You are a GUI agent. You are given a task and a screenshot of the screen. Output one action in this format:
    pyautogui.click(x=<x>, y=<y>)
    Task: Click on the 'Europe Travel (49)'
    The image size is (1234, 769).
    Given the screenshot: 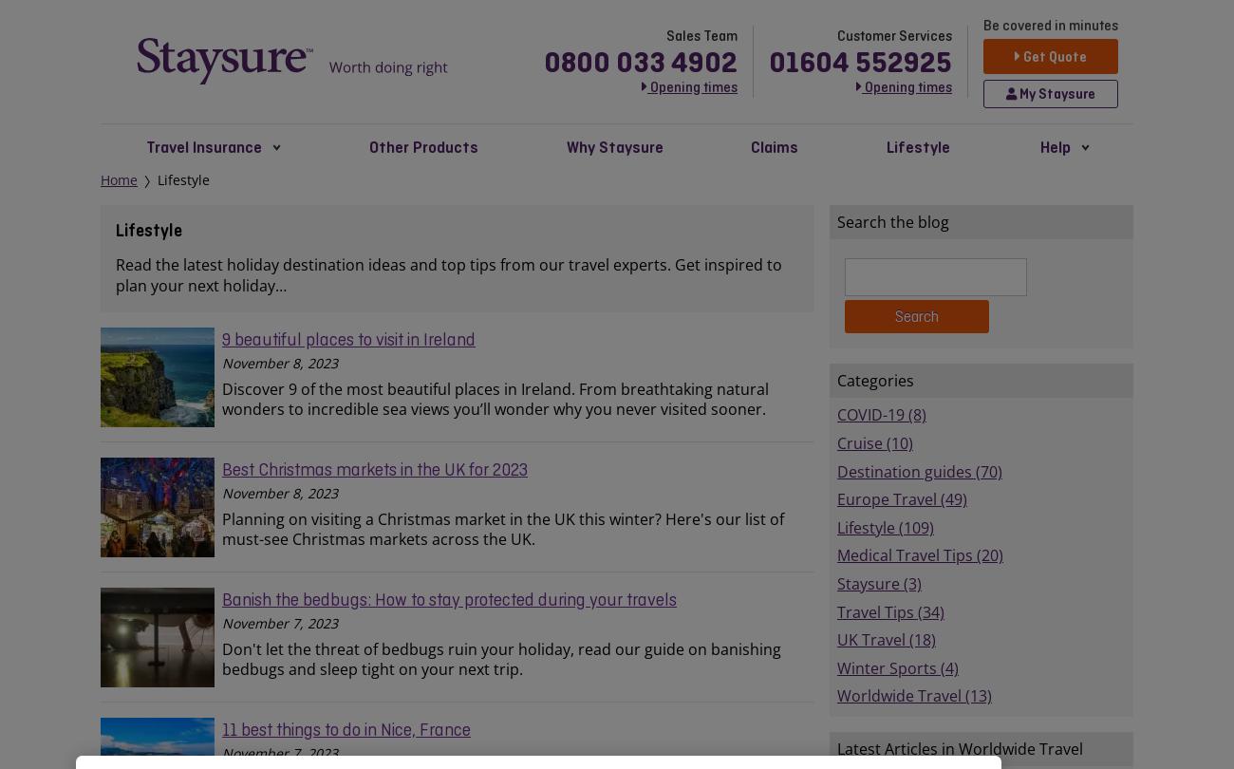 What is the action you would take?
    pyautogui.click(x=902, y=499)
    